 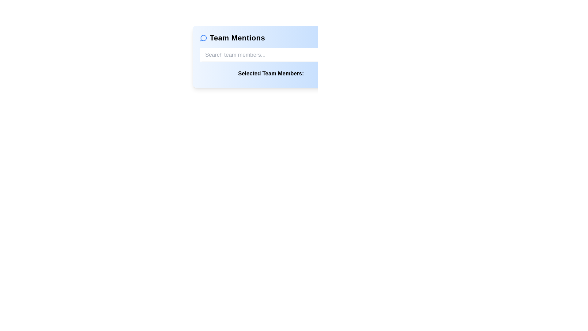 What do you see at coordinates (270, 73) in the screenshot?
I see `the bold text label 'Selected Team Members:' which is styled as a section title, located slightly below the 'Search team members...' input field` at bounding box center [270, 73].